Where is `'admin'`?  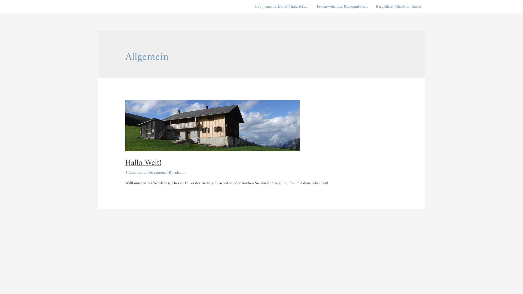
'admin' is located at coordinates (179, 173).